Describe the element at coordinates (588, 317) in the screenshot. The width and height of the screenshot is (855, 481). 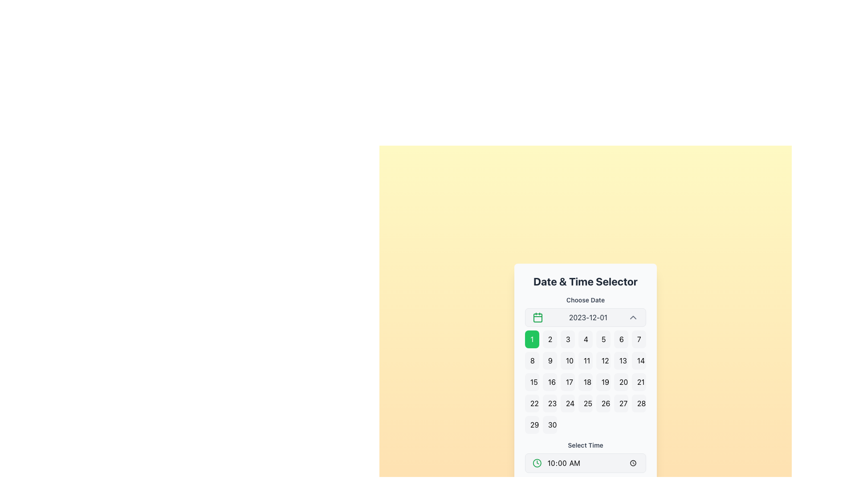
I see `the Text Display element that shows the date '2023-12-01', which is located between a green calendar icon and an upward-pointing chevron icon` at that location.